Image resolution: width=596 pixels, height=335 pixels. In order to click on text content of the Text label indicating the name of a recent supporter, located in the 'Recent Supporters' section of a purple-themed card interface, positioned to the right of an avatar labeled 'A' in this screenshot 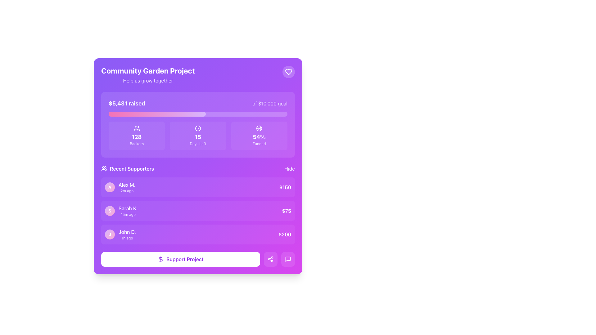, I will do `click(127, 185)`.